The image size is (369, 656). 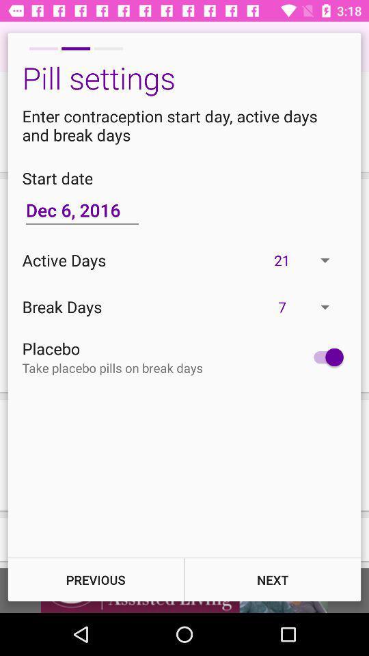 I want to click on turn on, so click(x=325, y=356).